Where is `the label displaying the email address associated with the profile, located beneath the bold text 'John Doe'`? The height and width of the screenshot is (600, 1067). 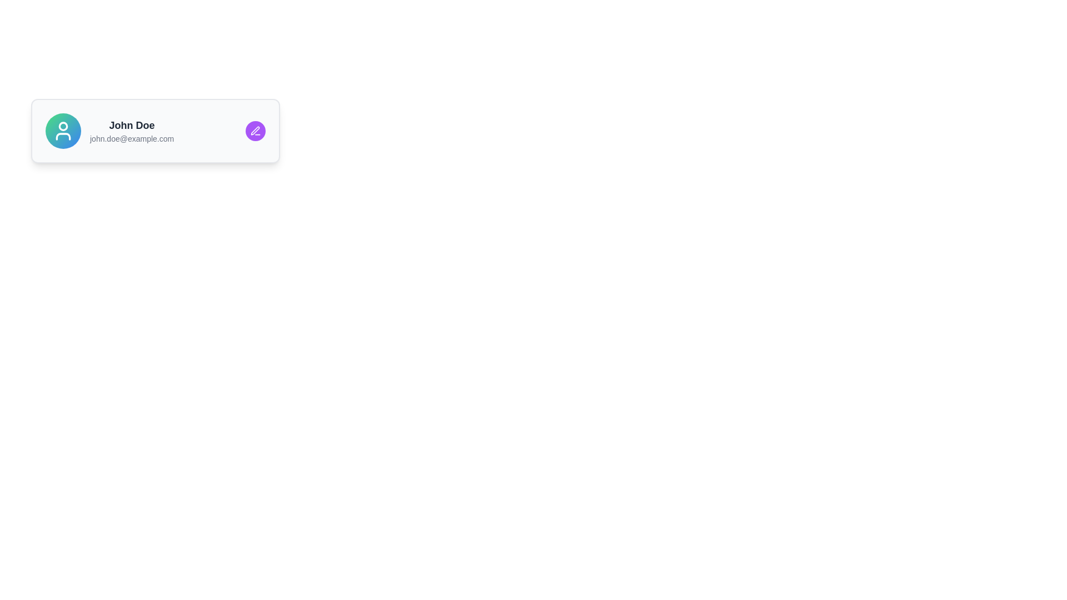
the label displaying the email address associated with the profile, located beneath the bold text 'John Doe' is located at coordinates (132, 138).